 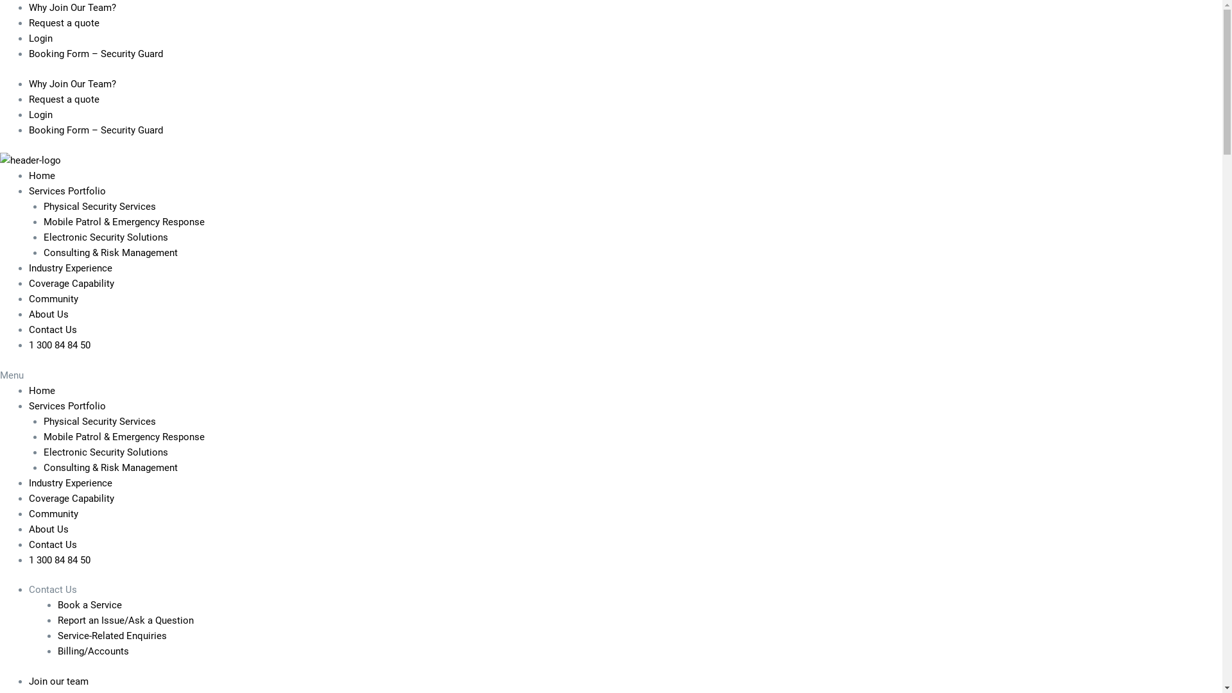 I want to click on 'Community', so click(x=53, y=299).